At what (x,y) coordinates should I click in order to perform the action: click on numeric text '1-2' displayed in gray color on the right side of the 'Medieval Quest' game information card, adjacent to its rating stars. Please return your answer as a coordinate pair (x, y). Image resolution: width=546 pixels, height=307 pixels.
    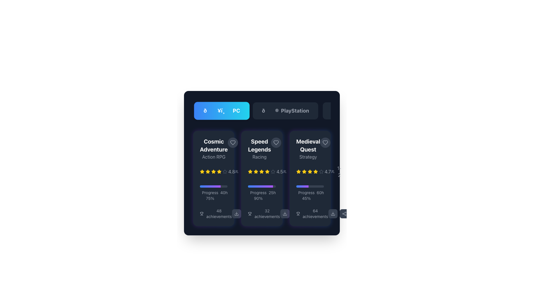
    Looking at the image, I should click on (339, 171).